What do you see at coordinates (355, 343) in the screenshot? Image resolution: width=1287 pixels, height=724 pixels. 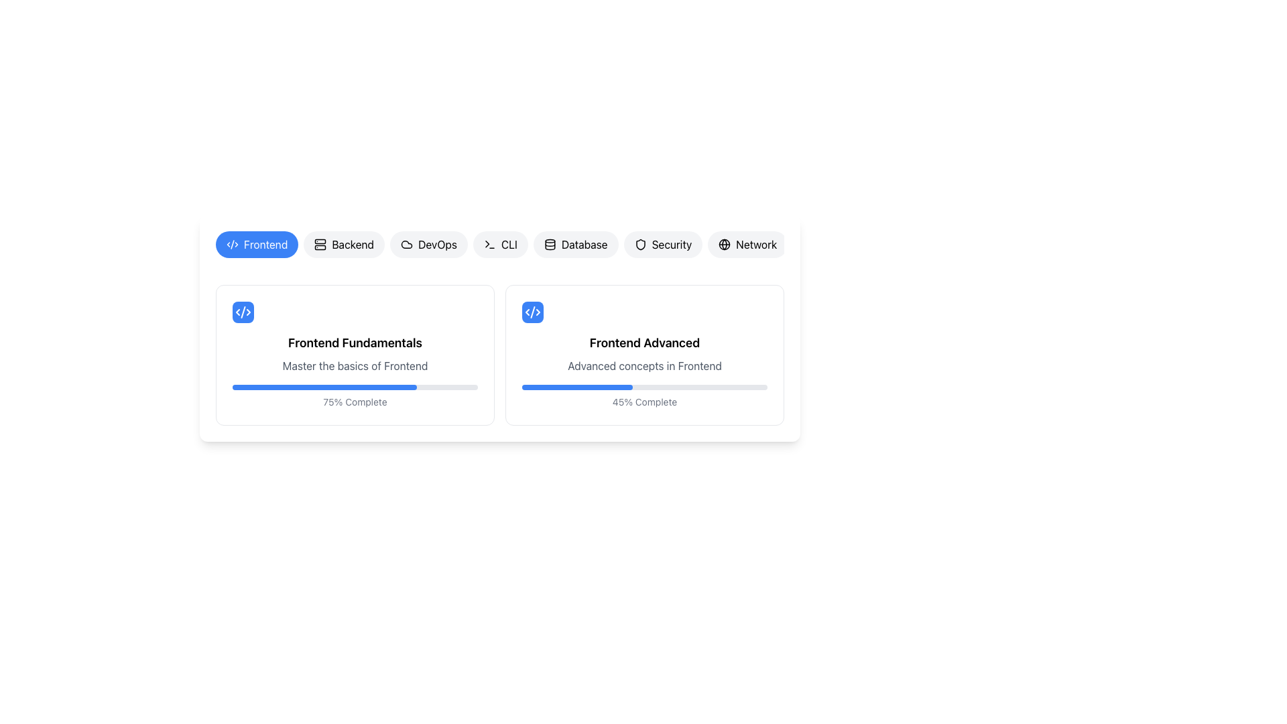 I see `the text label 'Frontend Fundamentals' that is prominently displayed in bold and larger font, located centrally above the descriptive text on the clickable card` at bounding box center [355, 343].